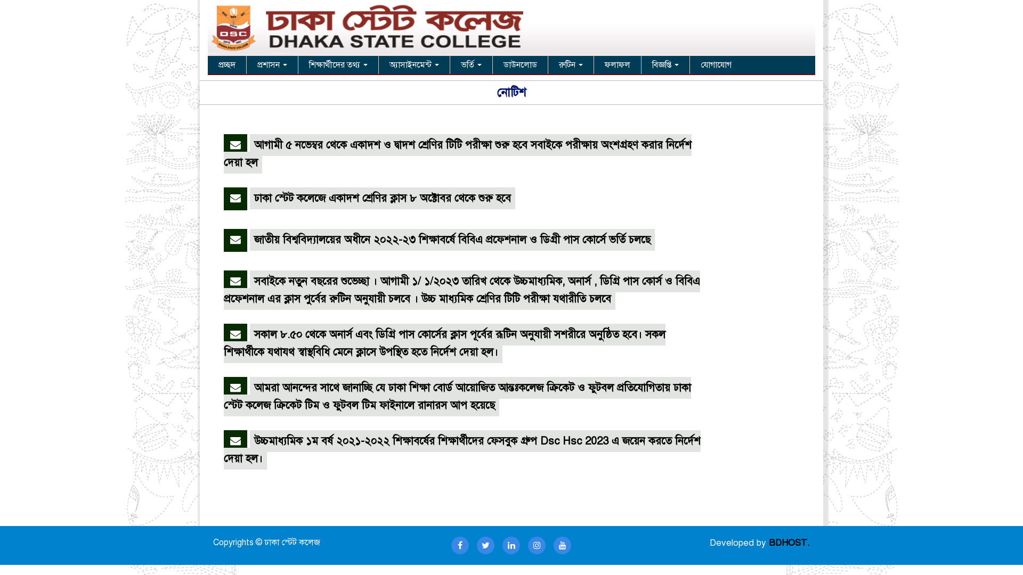 This screenshot has width=1023, height=575. What do you see at coordinates (789, 543) in the screenshot?
I see `'BDHOST.'` at bounding box center [789, 543].